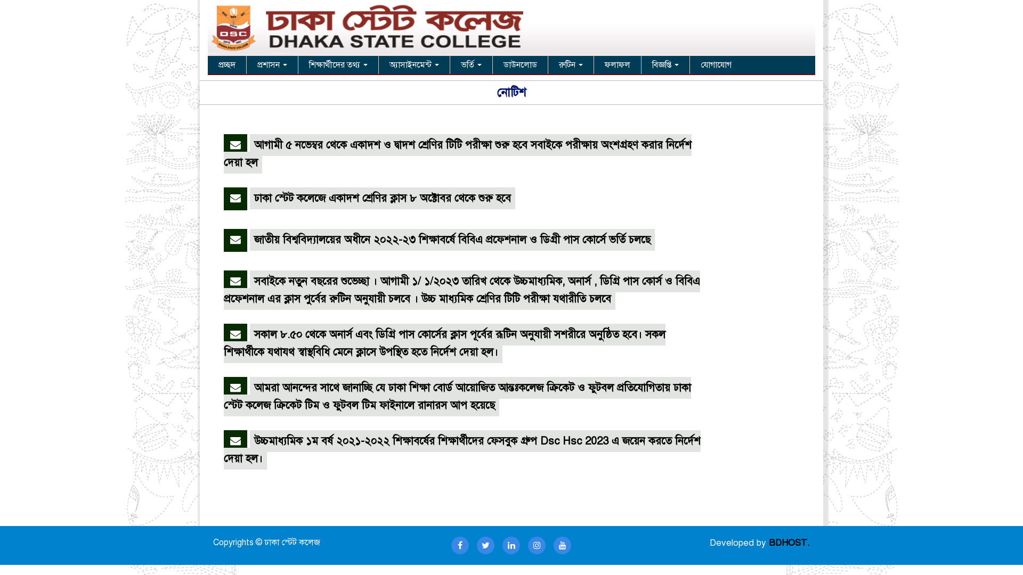 This screenshot has width=1023, height=575. What do you see at coordinates (789, 543) in the screenshot?
I see `'BDHOST.'` at bounding box center [789, 543].